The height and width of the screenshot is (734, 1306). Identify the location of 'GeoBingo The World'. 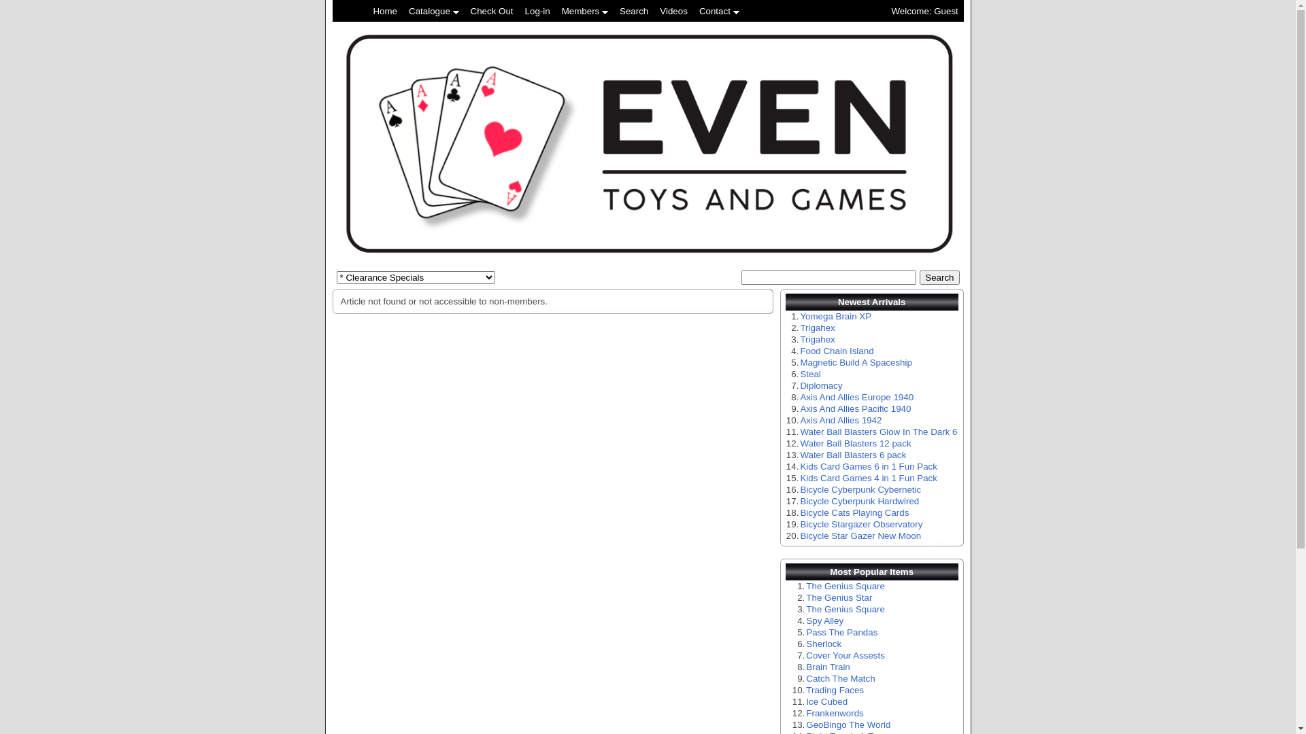
(848, 724).